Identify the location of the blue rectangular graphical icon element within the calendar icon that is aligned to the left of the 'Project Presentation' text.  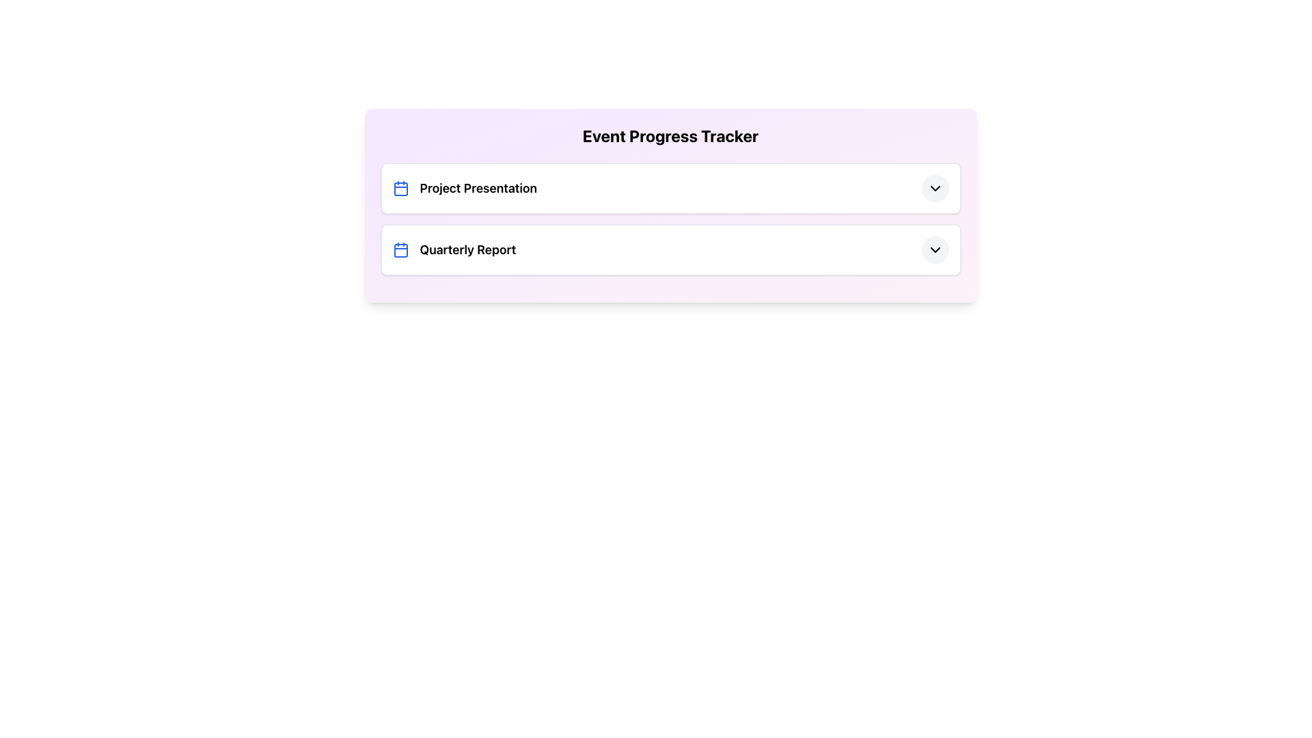
(400, 189).